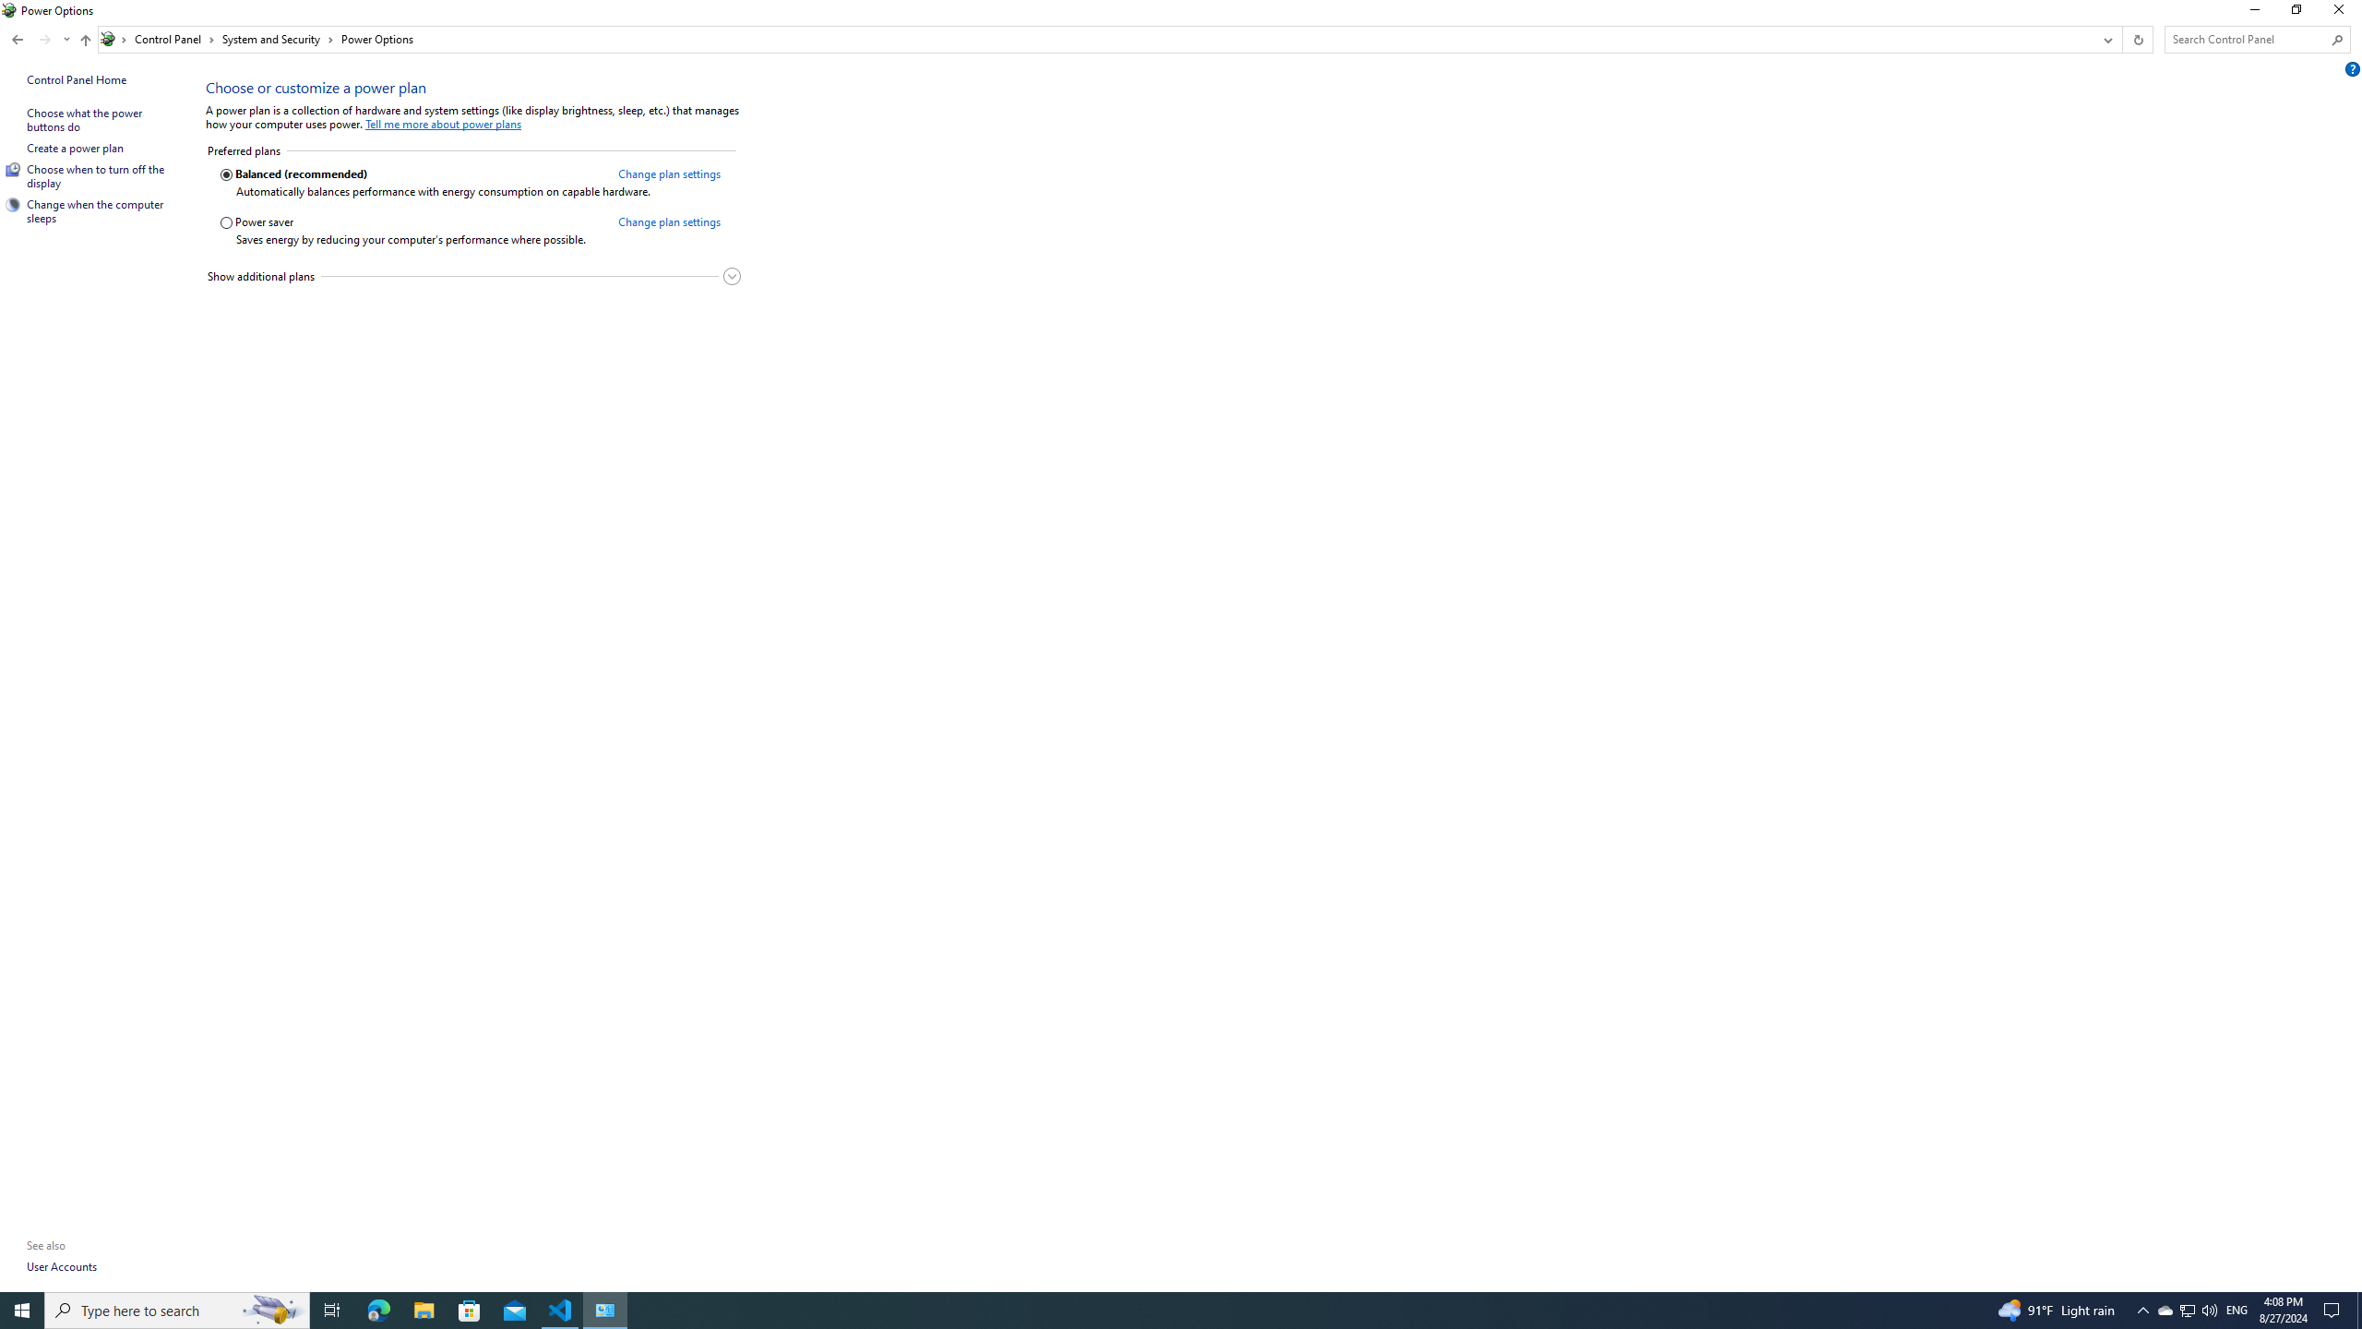  What do you see at coordinates (278, 39) in the screenshot?
I see `'System and Security'` at bounding box center [278, 39].